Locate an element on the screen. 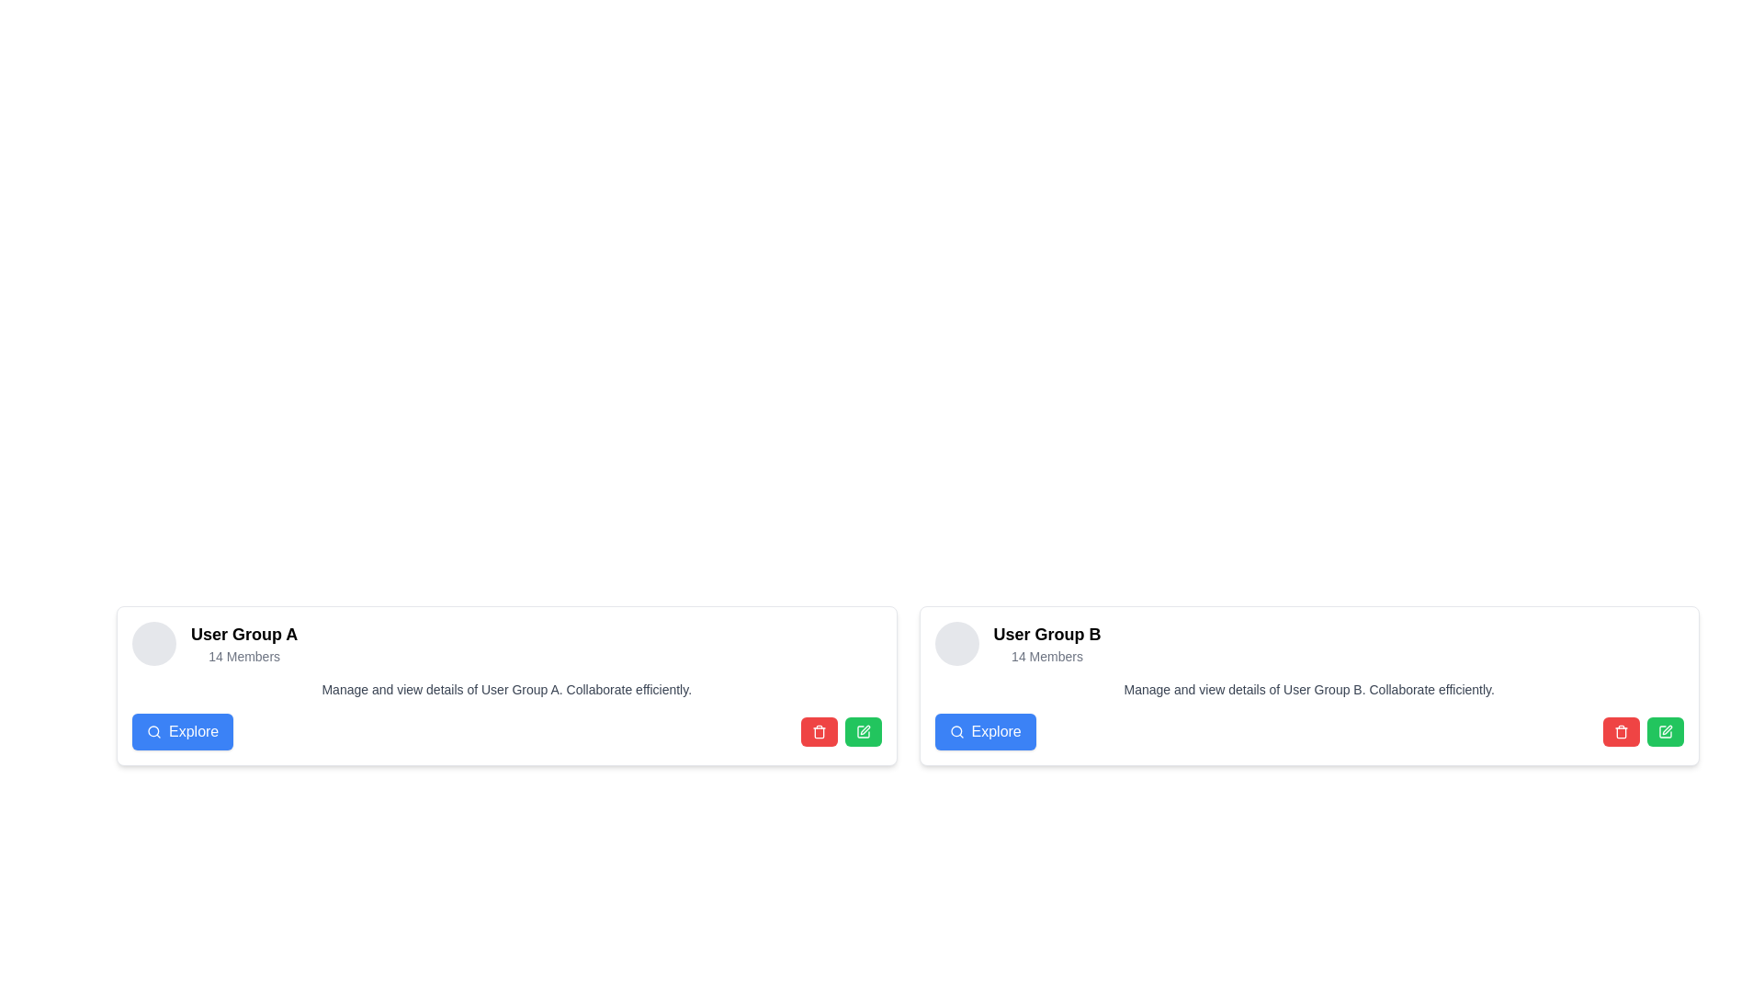  the middle component of the trash bin icon representing the delete action for 'User Group A' located in the bottom-right corner of the card is located at coordinates (818, 732).